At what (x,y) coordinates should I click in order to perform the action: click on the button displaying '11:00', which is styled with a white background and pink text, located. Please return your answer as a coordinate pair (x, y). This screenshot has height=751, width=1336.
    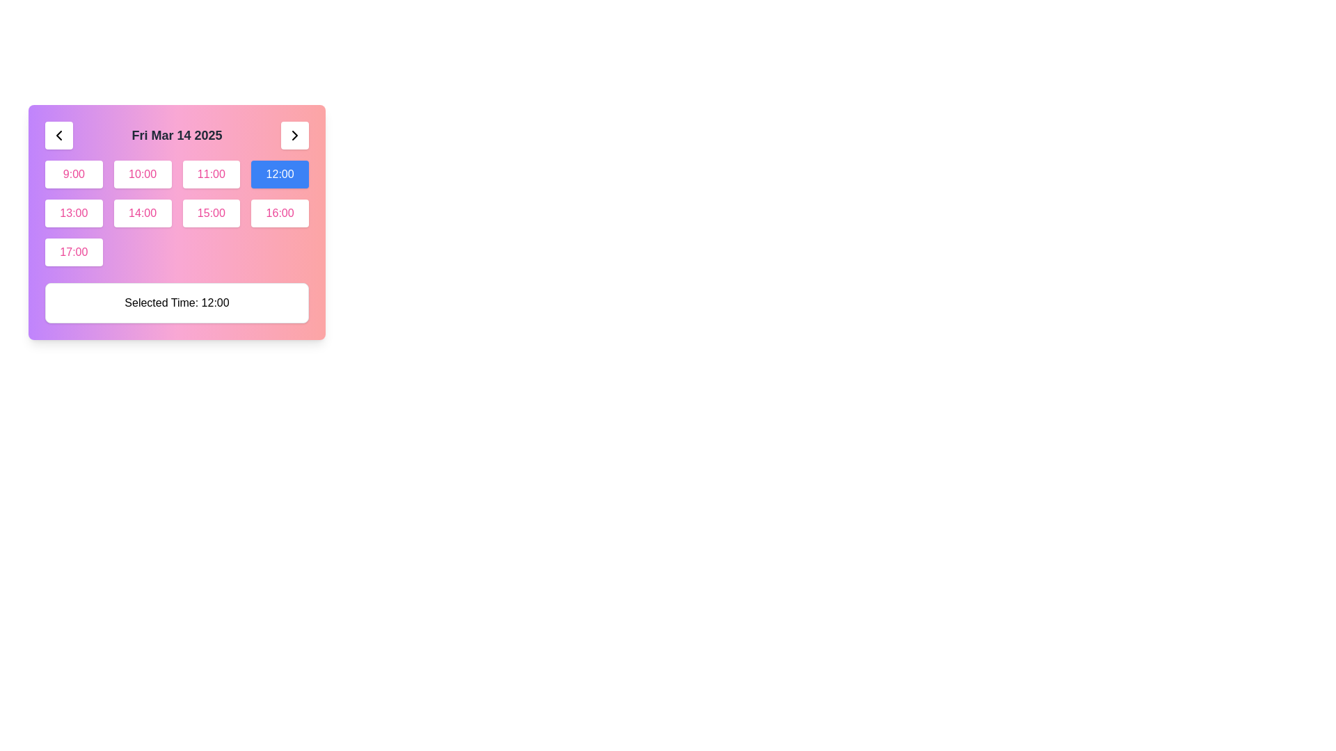
    Looking at the image, I should click on (210, 173).